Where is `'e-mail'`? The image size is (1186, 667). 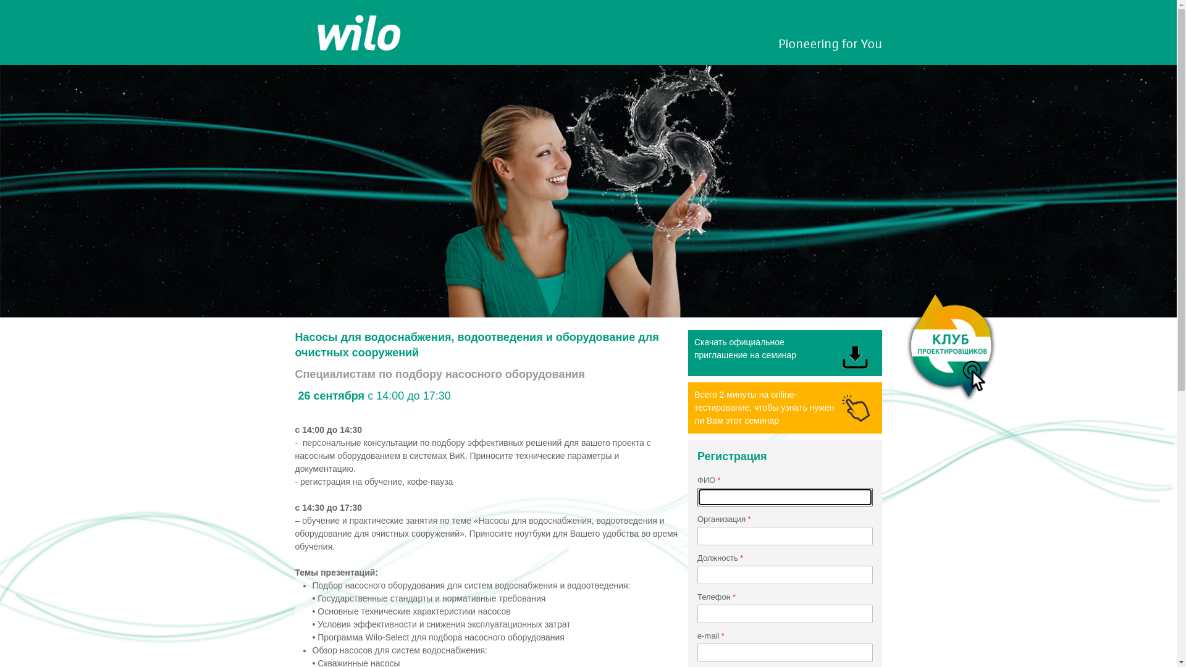
'e-mail' is located at coordinates (784, 652).